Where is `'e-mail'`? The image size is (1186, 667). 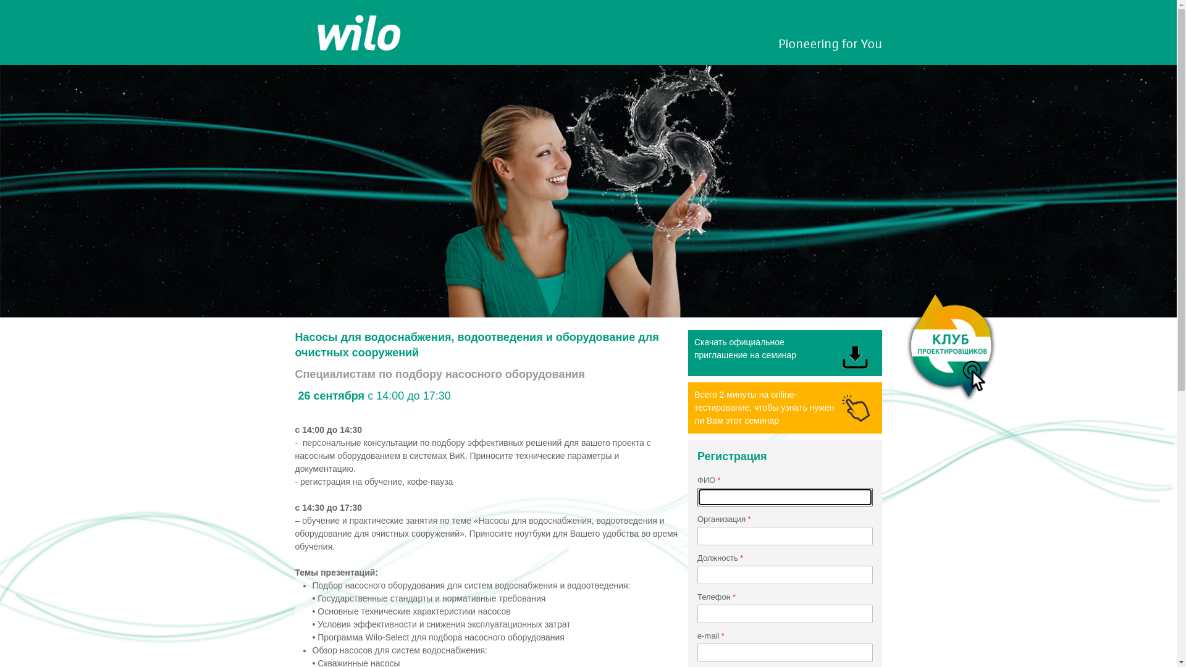
'e-mail' is located at coordinates (784, 652).